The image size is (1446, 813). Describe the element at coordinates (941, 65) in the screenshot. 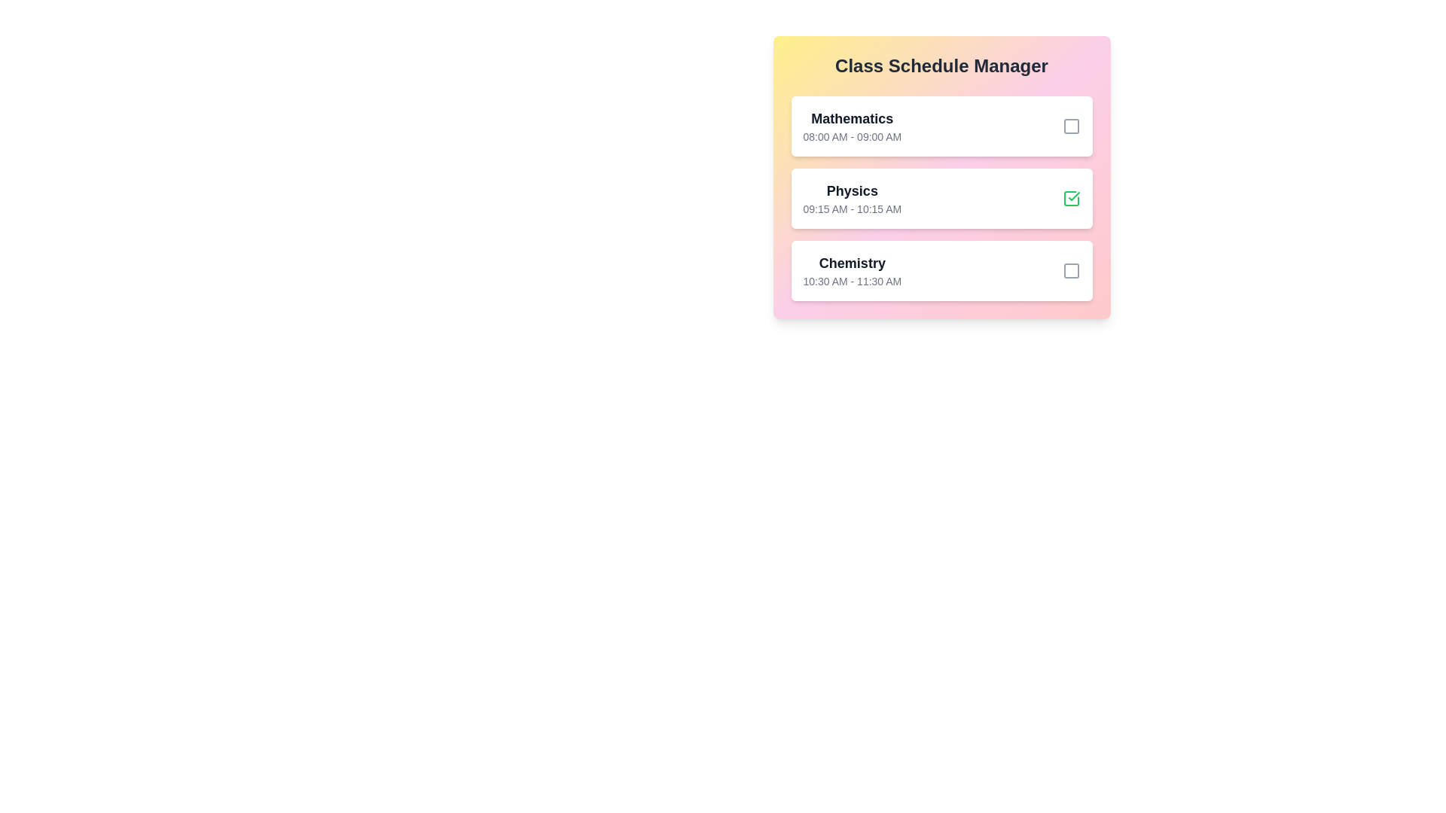

I see `the 'Class Schedule Manager' title to focus on it` at that location.